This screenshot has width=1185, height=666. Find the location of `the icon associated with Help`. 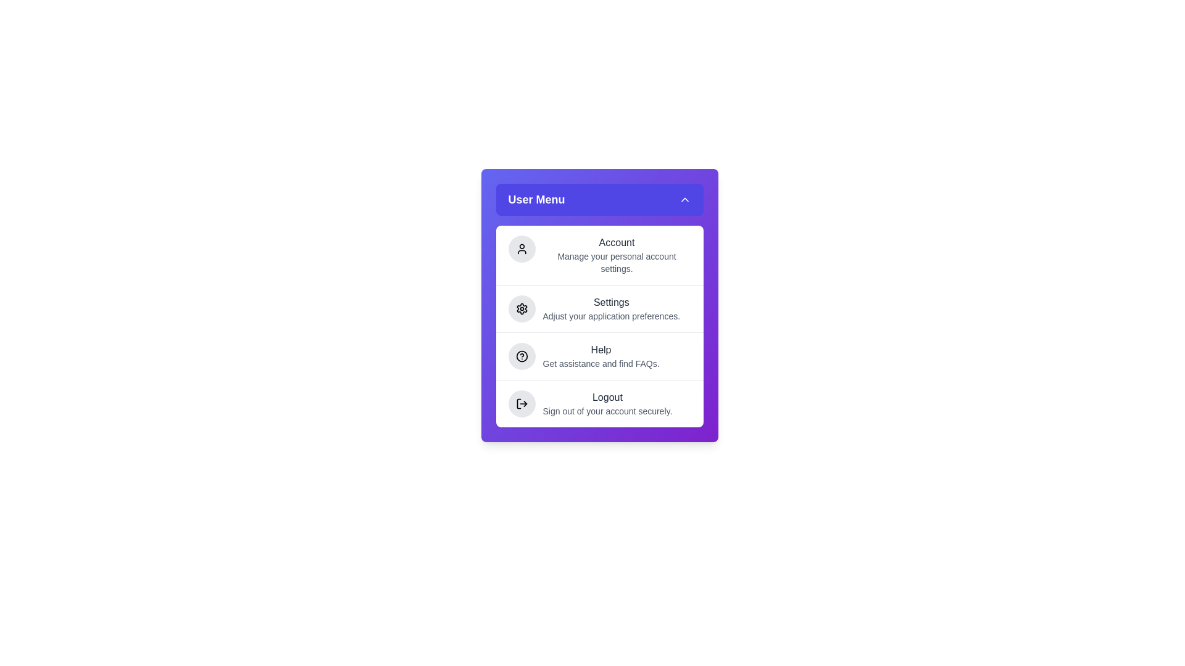

the icon associated with Help is located at coordinates (522, 356).